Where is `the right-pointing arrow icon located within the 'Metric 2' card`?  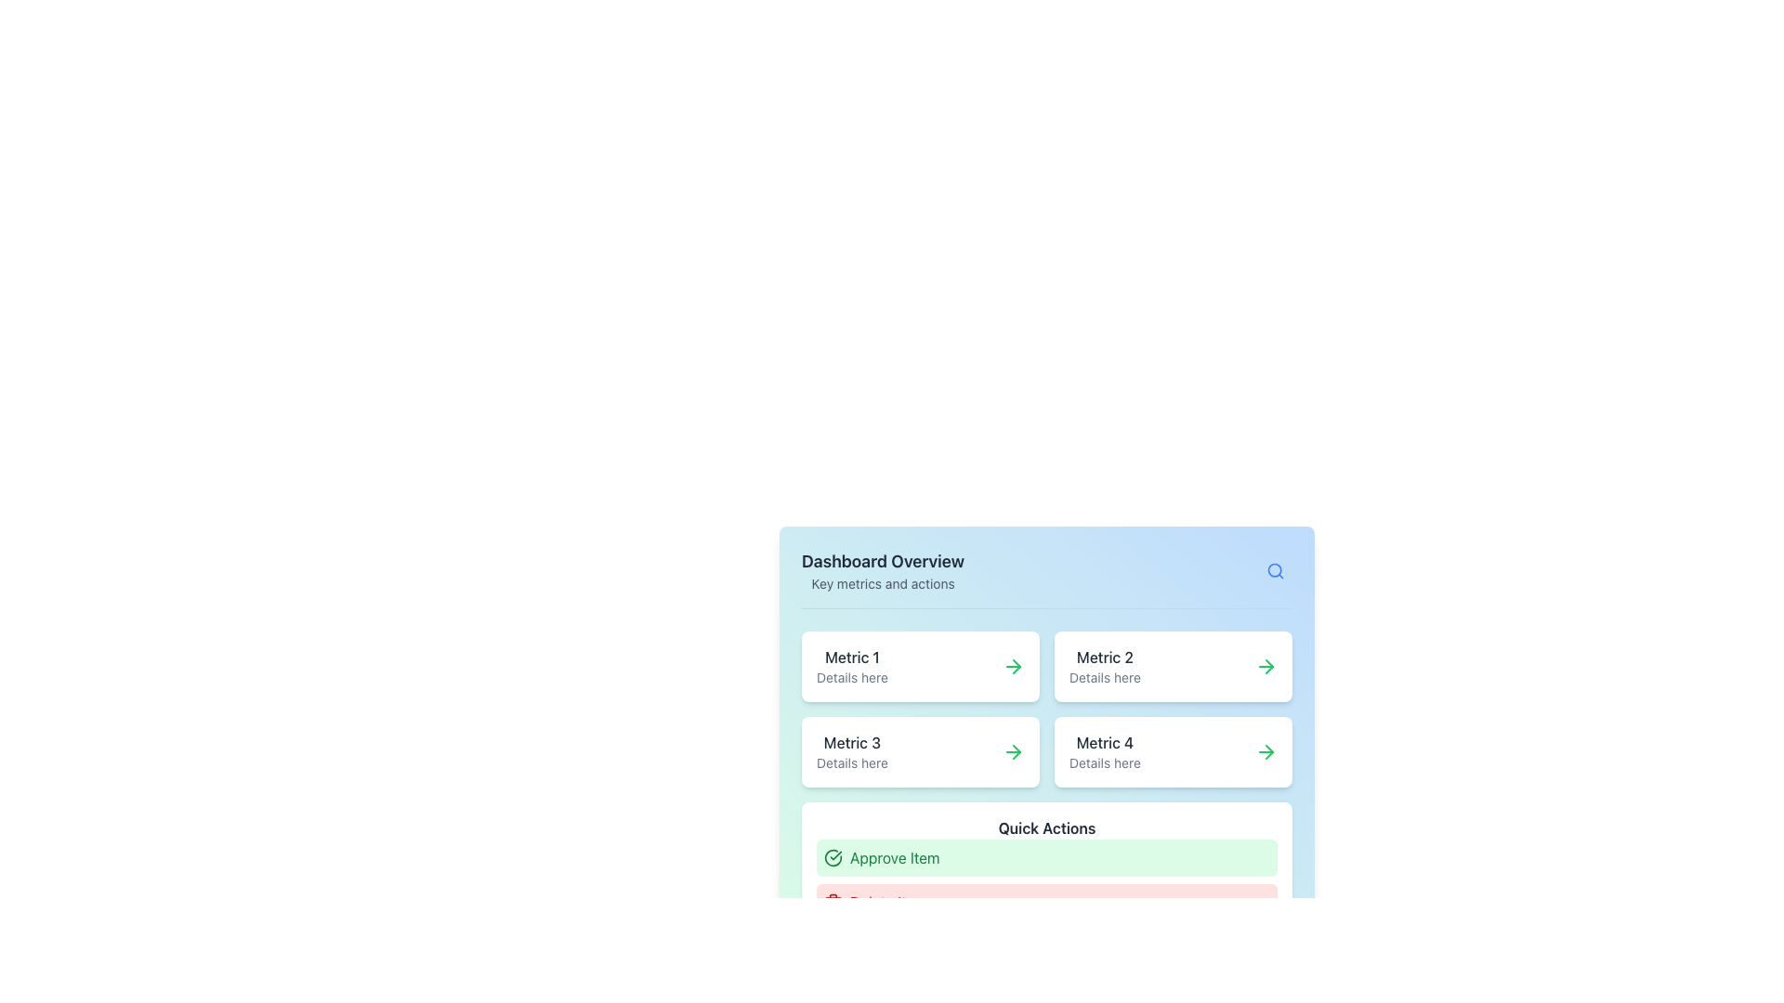
the right-pointing arrow icon located within the 'Metric 2' card is located at coordinates (1268, 665).